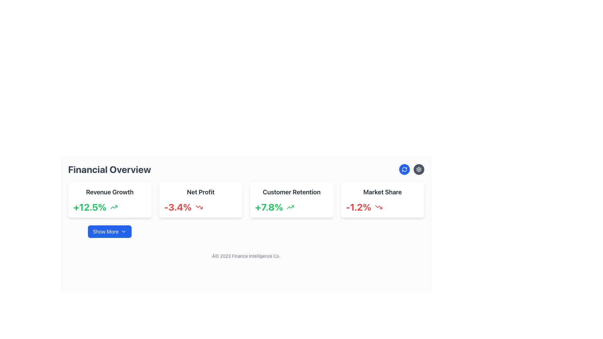 This screenshot has height=339, width=603. Describe the element at coordinates (382, 207) in the screenshot. I see `the Text and Icon Combination displaying '-1.2%' in bold red font, associated with a downward arrow icon, located in the 'Market Share' card in the 'Financial Overview' section` at that location.